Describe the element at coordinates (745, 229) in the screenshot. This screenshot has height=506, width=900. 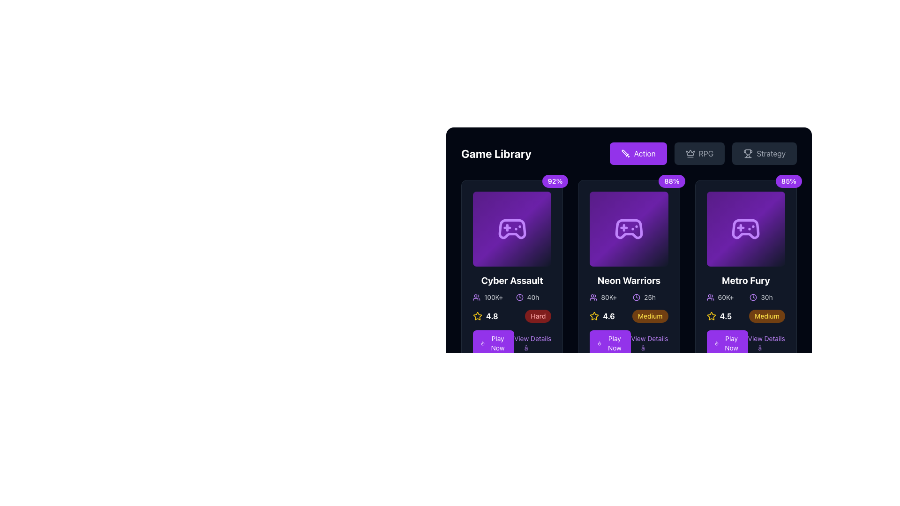
I see `the game controller icon within the 'Metro Fury' card to recognize the game theme` at that location.